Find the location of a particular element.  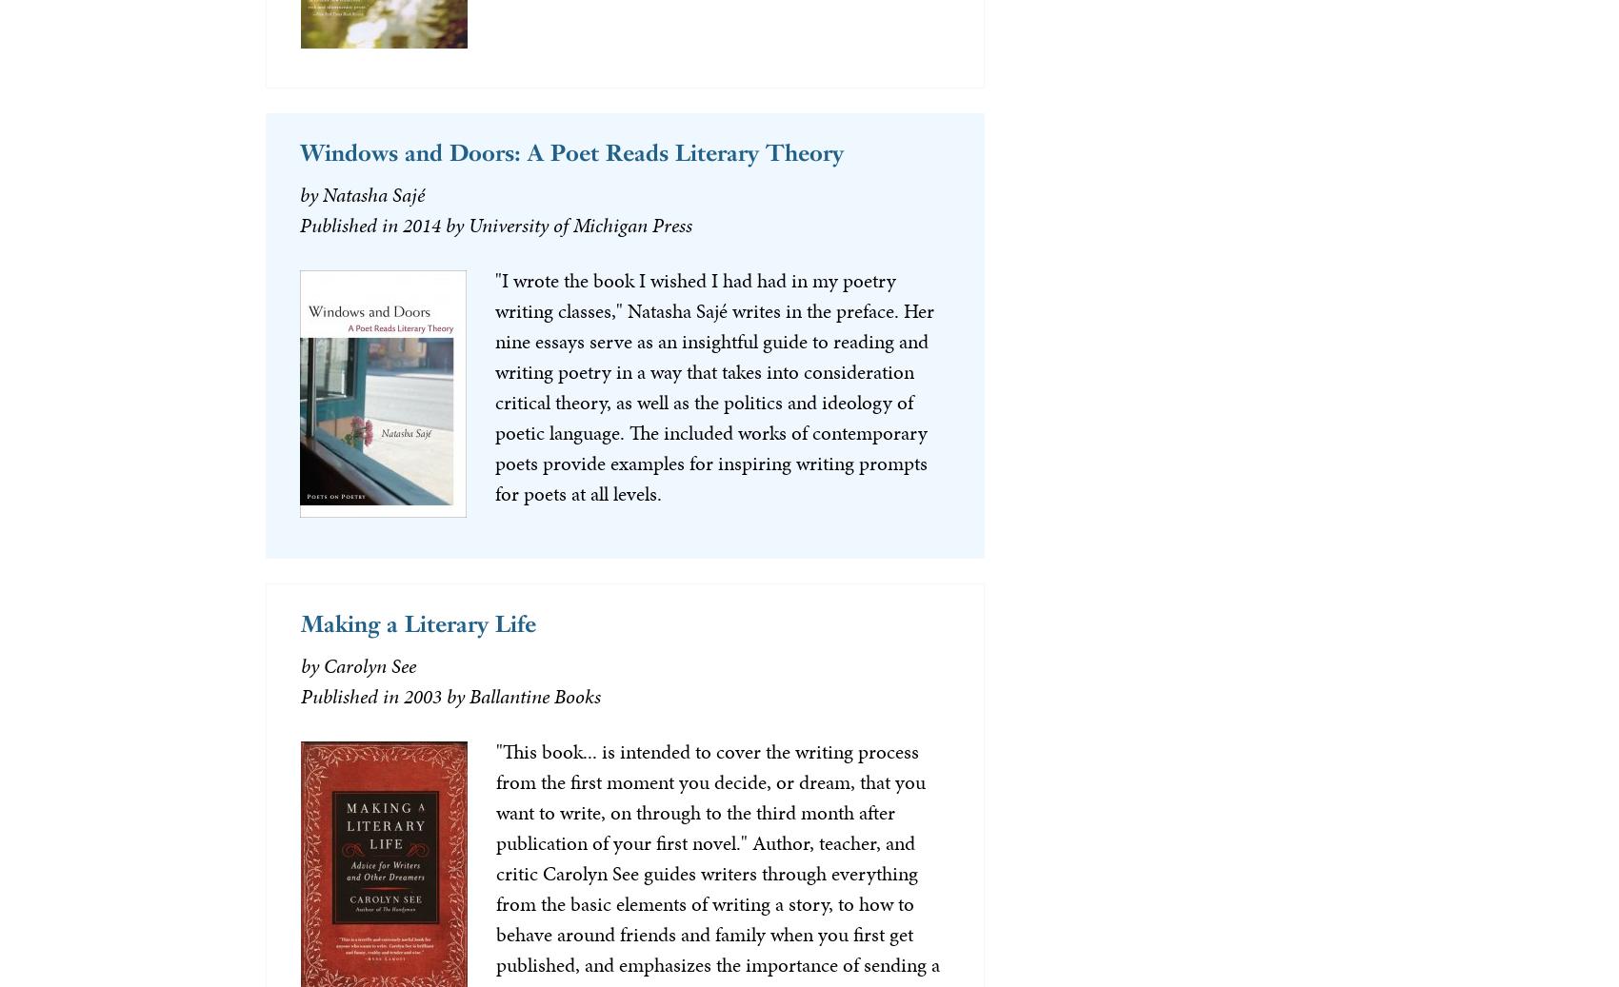

'"I wrote the book I wished I had had in my poetry writing classes," Natasha Sajé writes in the preface. Her nine essays serve as an insightful guide to reading and writing poetry in a way that takes into consideration critical theory, as well as the politics and ideology of poetic language. The included works of contemporary poets provide examples for inspiring writing prompts for poets at all levels.' is located at coordinates (494, 385).